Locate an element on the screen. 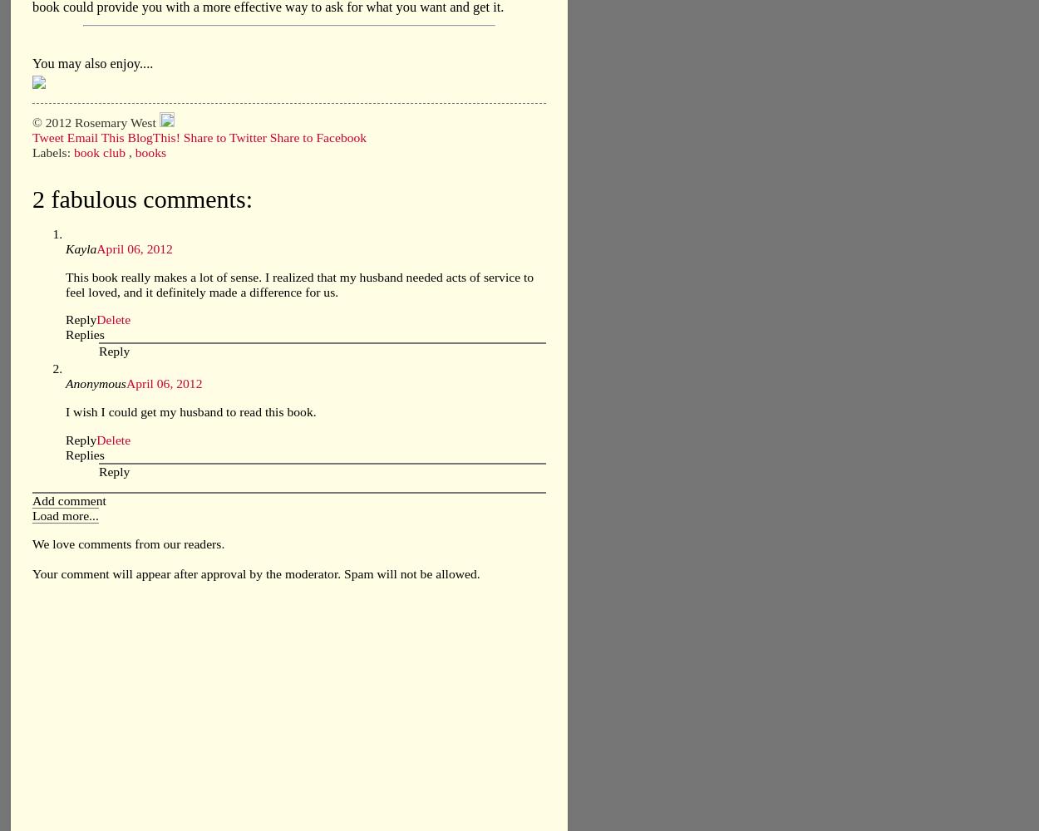 The image size is (1039, 831). 'BlogThis!' is located at coordinates (155, 137).